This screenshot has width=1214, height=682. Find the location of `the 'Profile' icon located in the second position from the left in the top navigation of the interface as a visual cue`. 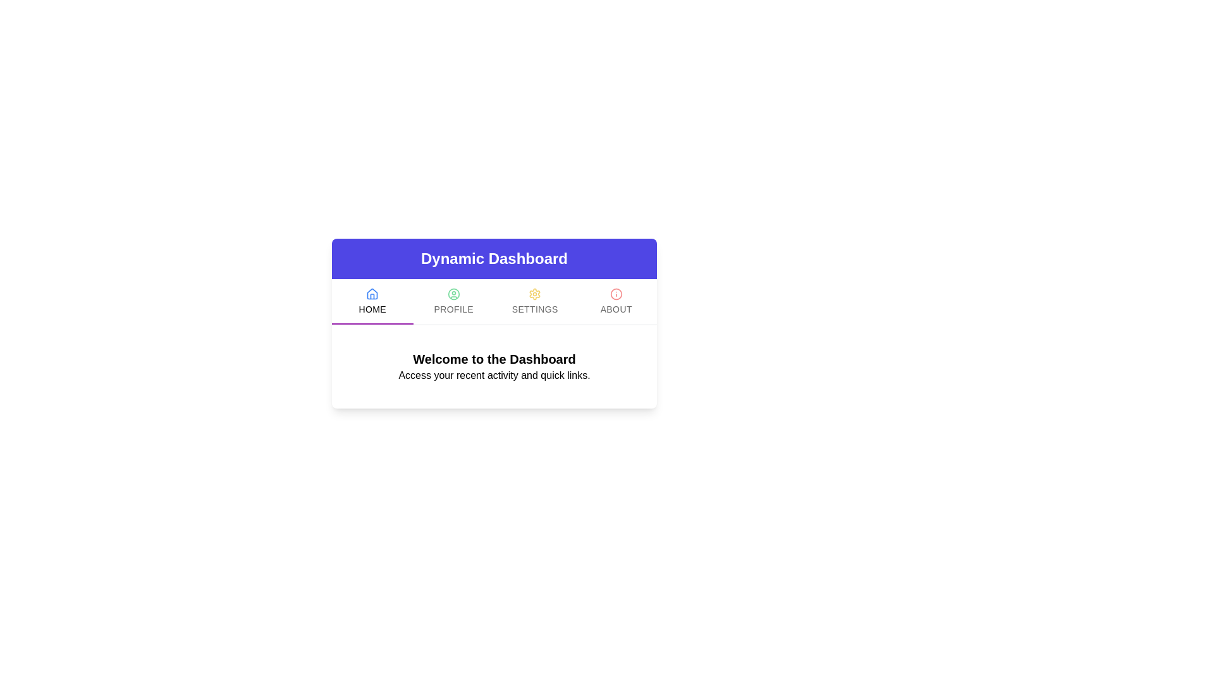

the 'Profile' icon located in the second position from the left in the top navigation of the interface as a visual cue is located at coordinates (453, 294).